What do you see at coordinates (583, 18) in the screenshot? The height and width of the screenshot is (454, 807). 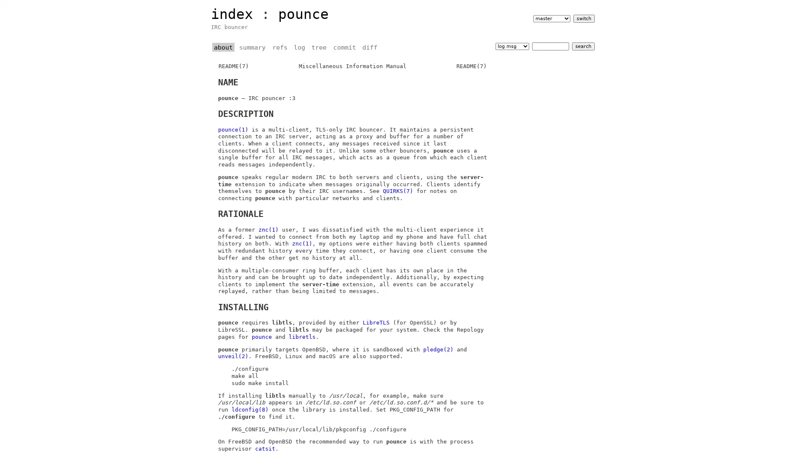 I see `switch` at bounding box center [583, 18].